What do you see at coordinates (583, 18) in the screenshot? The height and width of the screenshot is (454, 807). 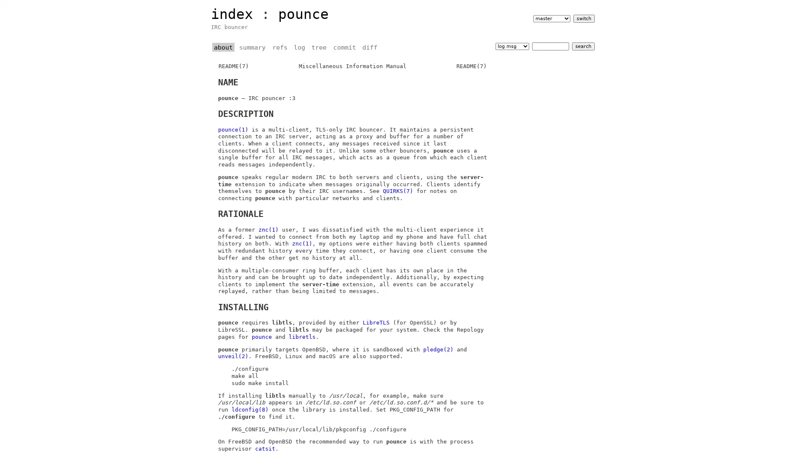 I see `switch` at bounding box center [583, 18].